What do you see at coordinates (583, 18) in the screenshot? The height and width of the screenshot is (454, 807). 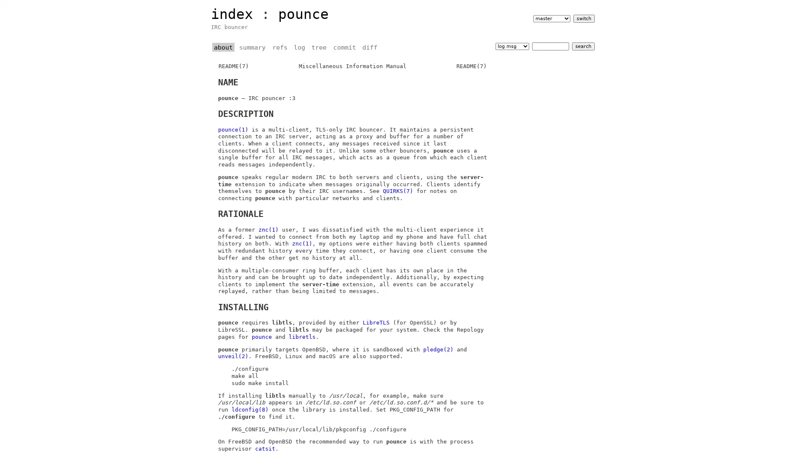 I see `switch` at bounding box center [583, 18].